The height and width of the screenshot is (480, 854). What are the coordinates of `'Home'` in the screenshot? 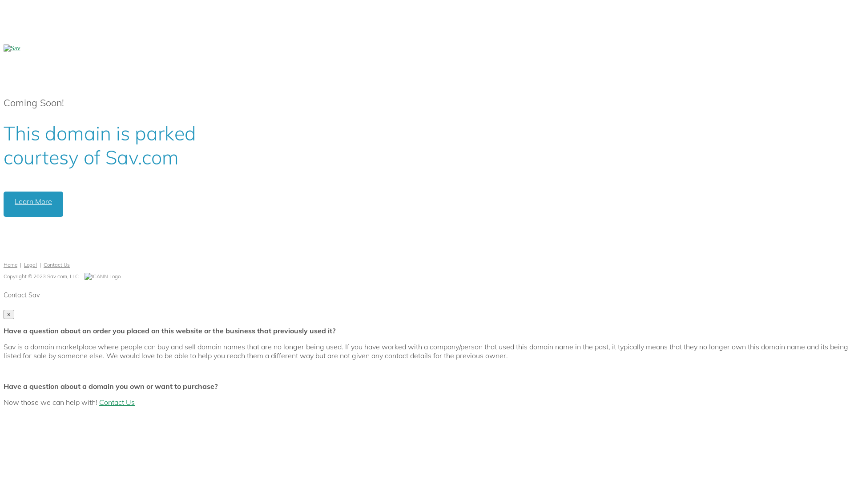 It's located at (4, 264).